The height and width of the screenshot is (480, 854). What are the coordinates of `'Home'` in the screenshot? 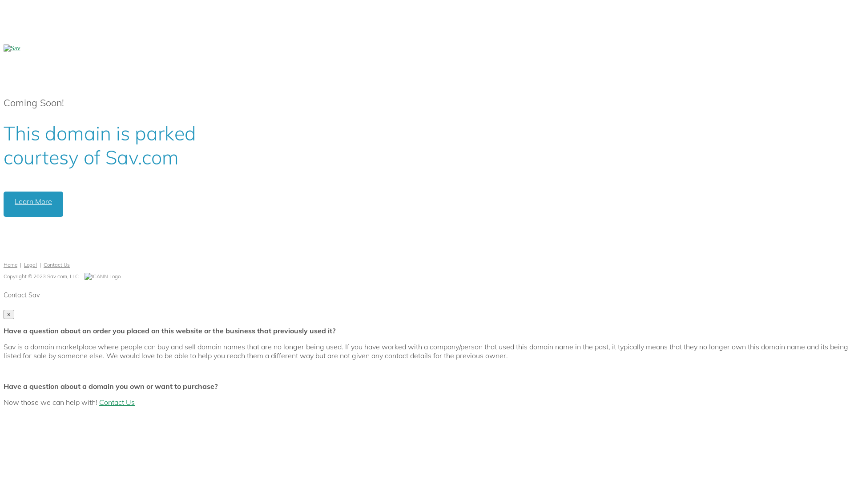 It's located at (4, 264).